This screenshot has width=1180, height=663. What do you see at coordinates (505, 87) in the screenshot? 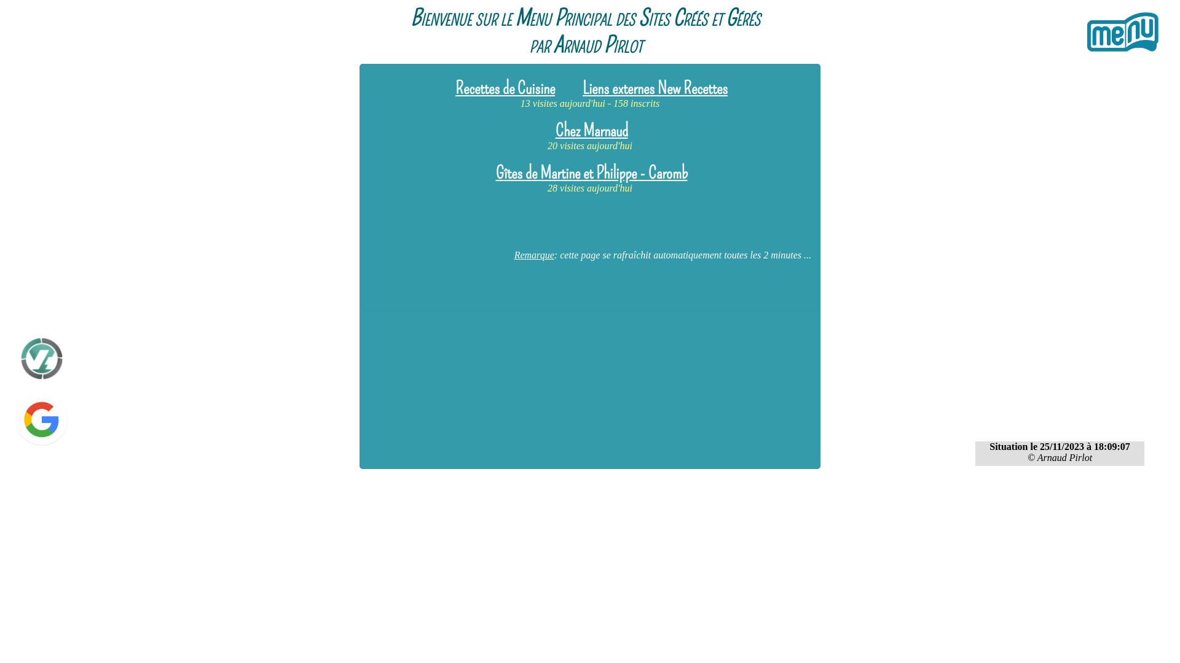
I see `'Recettes de Cuisine'` at bounding box center [505, 87].